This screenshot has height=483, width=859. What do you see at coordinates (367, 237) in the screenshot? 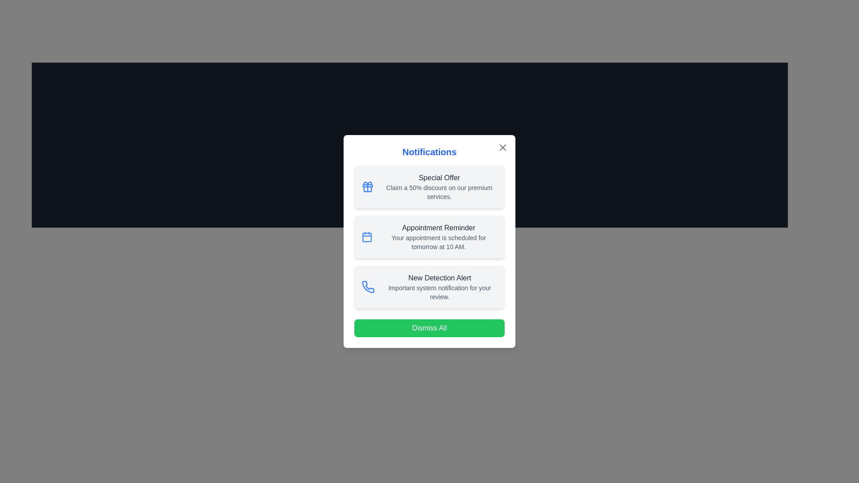
I see `SVG calendar icon element, which is a blue square with rounded corners located within the 'Appointment Reminder' notification, using developer tools` at bounding box center [367, 237].